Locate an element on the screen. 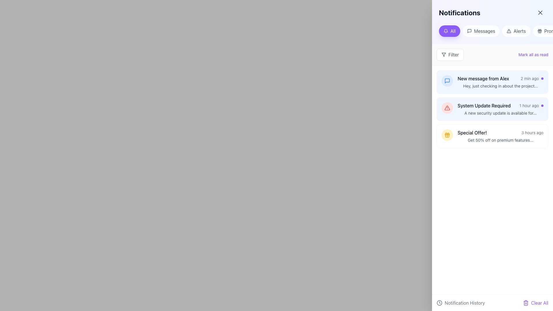  the 'Alerts' button located in the top section of the 'Notifications' panel is located at coordinates (516, 31).